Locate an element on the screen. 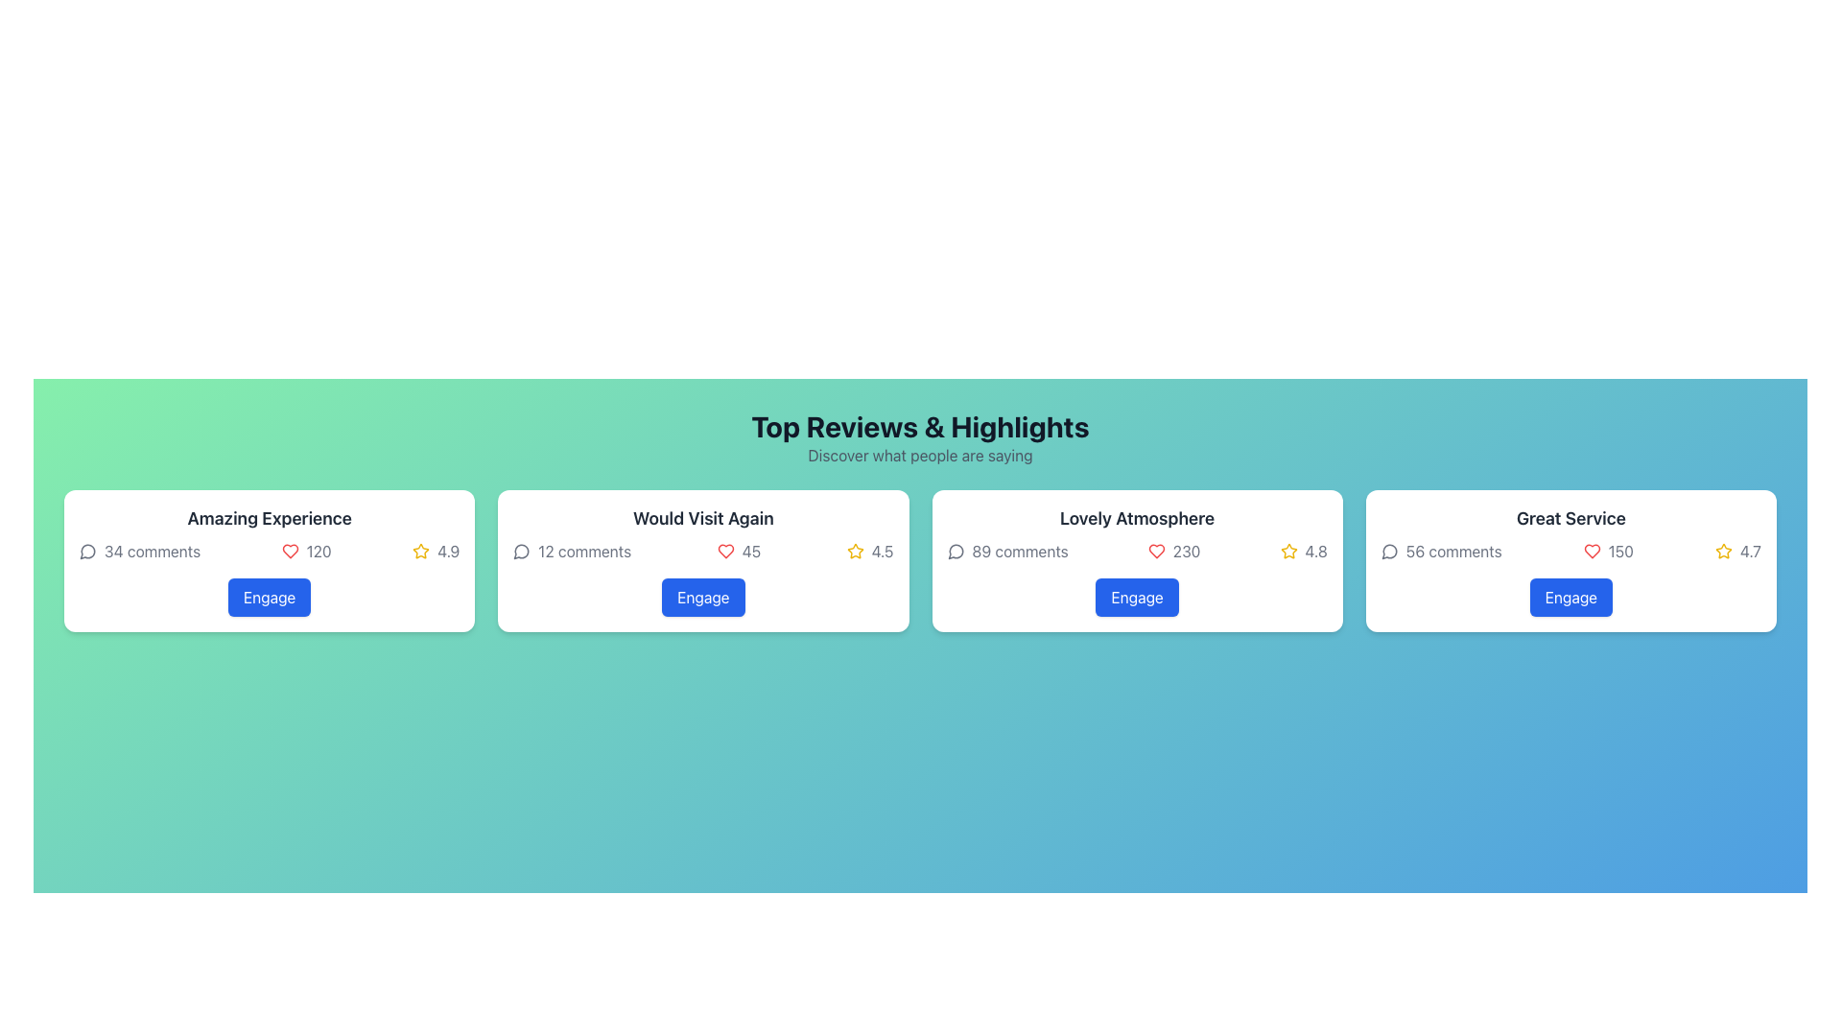 The height and width of the screenshot is (1036, 1842). the Text Header element that serves as a title for the section containing reviews and highlights, located at the top of the section with a subtitle below it is located at coordinates (919, 425).